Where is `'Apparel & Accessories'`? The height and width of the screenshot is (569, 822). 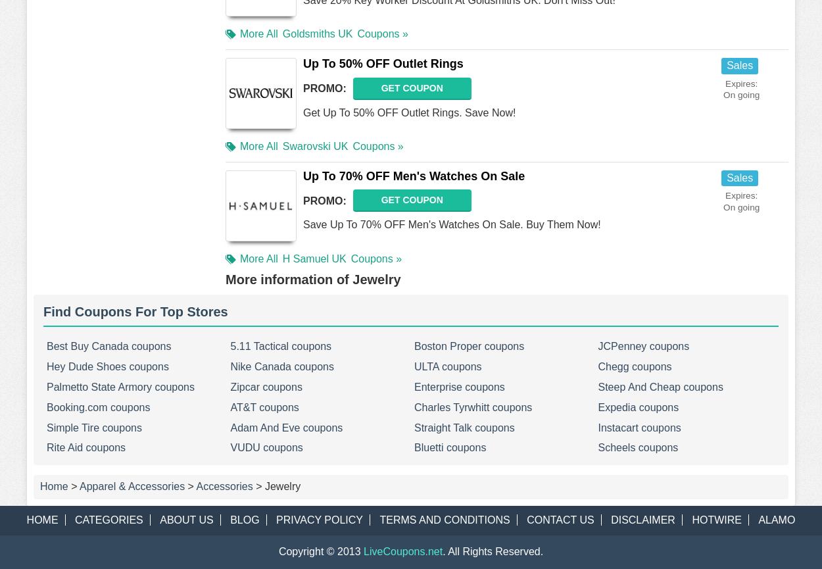
'Apparel & Accessories' is located at coordinates (132, 485).